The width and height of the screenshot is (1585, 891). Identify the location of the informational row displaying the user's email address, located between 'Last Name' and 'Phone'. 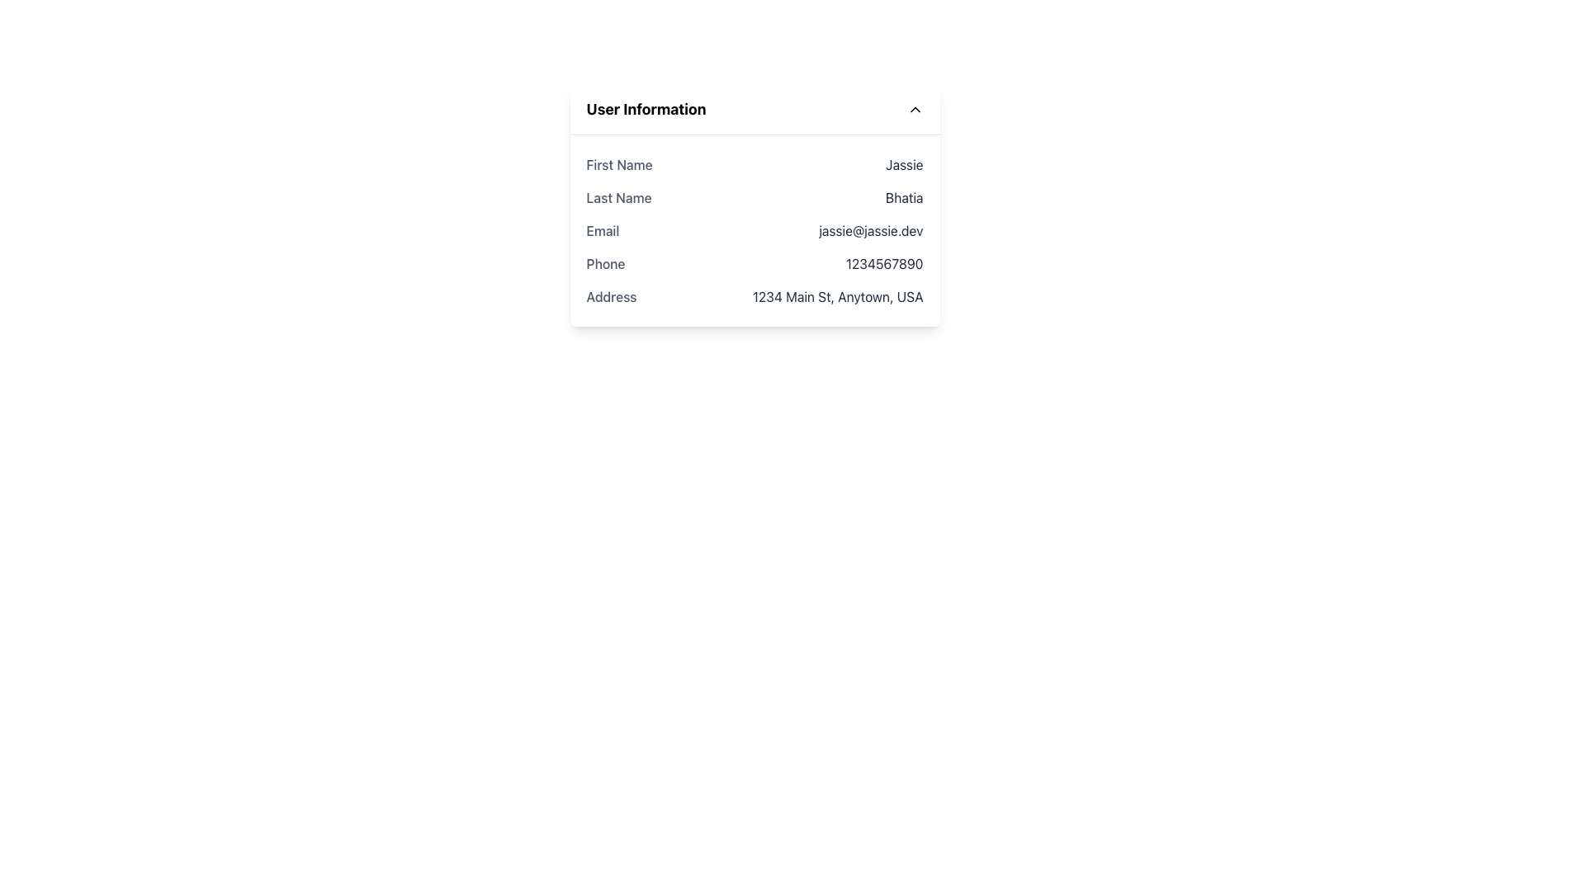
(754, 231).